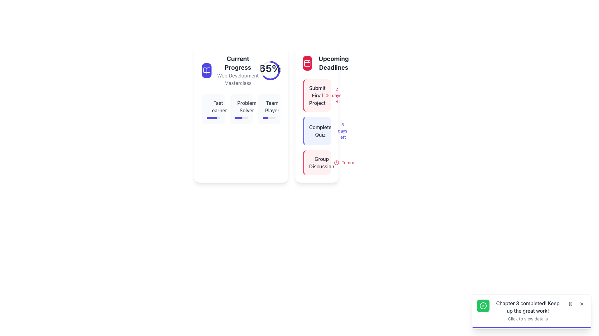 The image size is (599, 336). I want to click on the decorative background element inside the calendar icon located at the top left of the 'Upcoming Deadlines' section, so click(307, 63).